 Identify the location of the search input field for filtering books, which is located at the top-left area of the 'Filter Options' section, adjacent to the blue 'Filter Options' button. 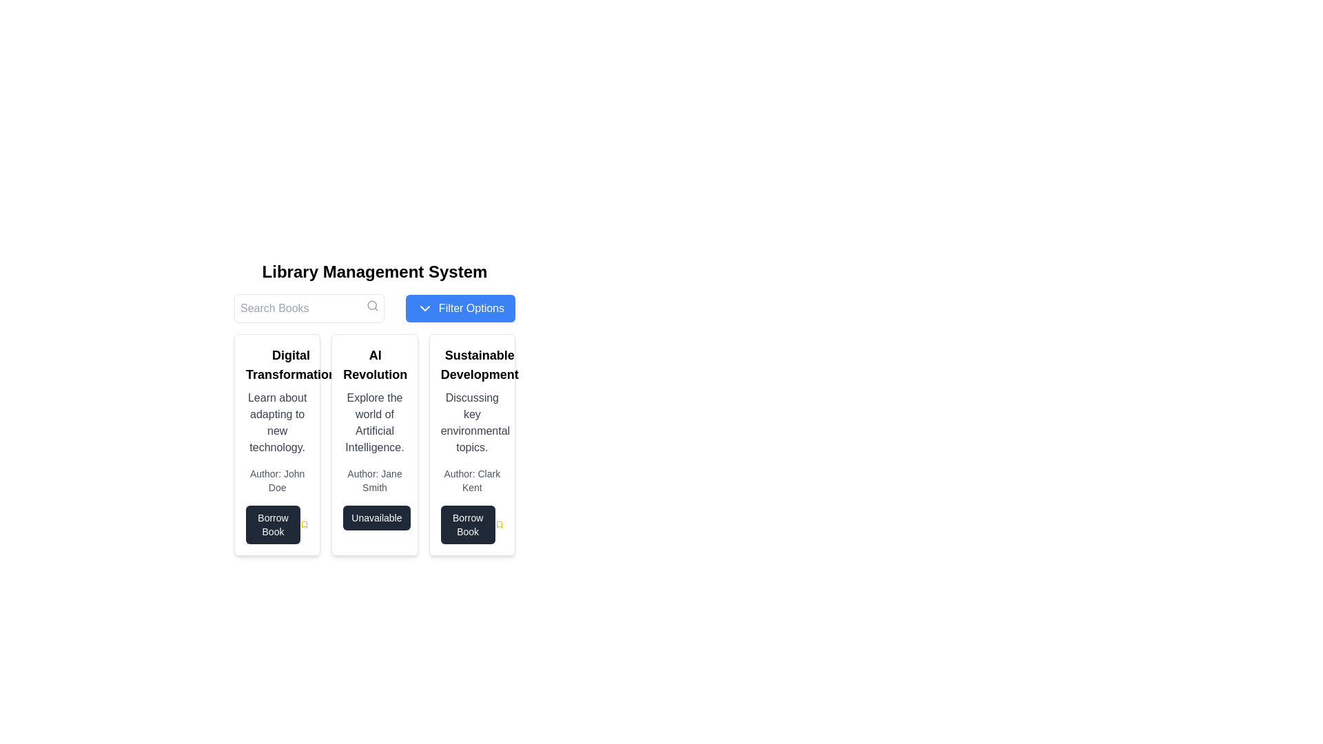
(309, 307).